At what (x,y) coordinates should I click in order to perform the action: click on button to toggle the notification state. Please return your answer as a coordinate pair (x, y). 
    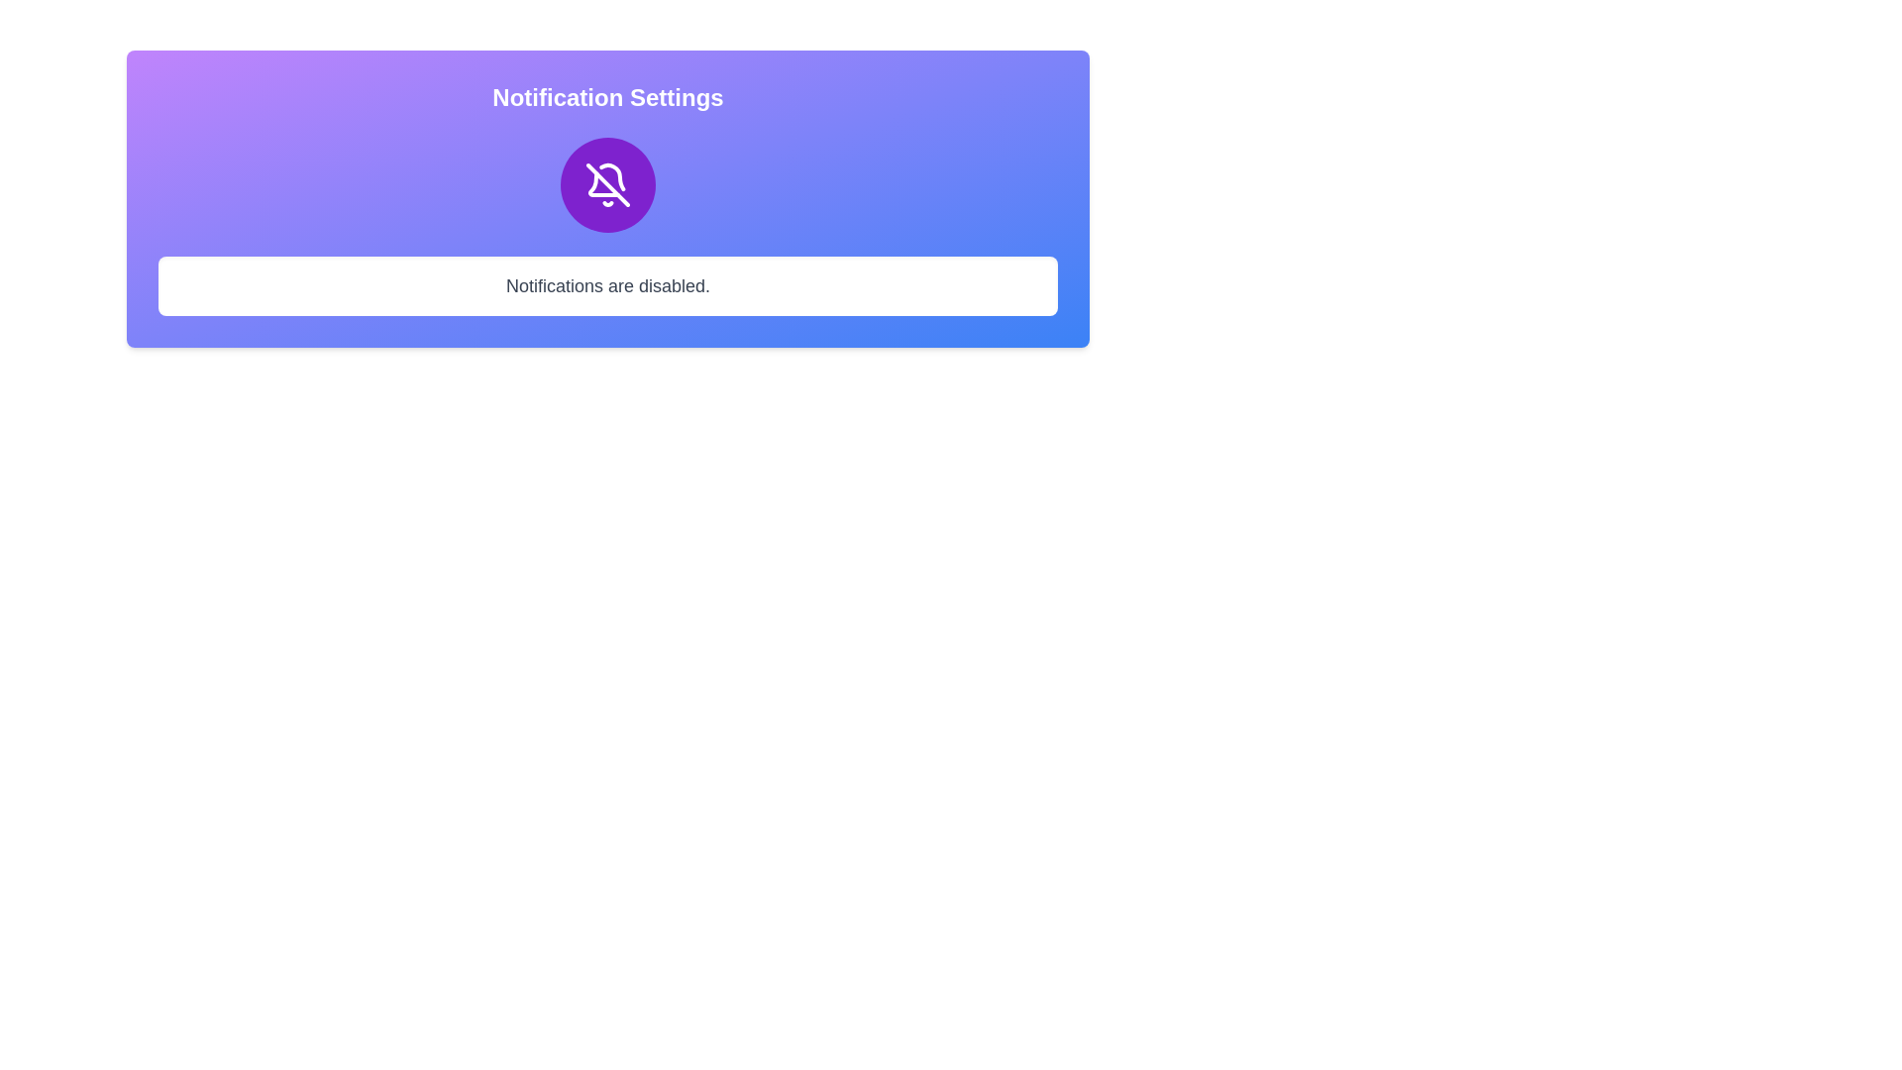
    Looking at the image, I should click on (607, 184).